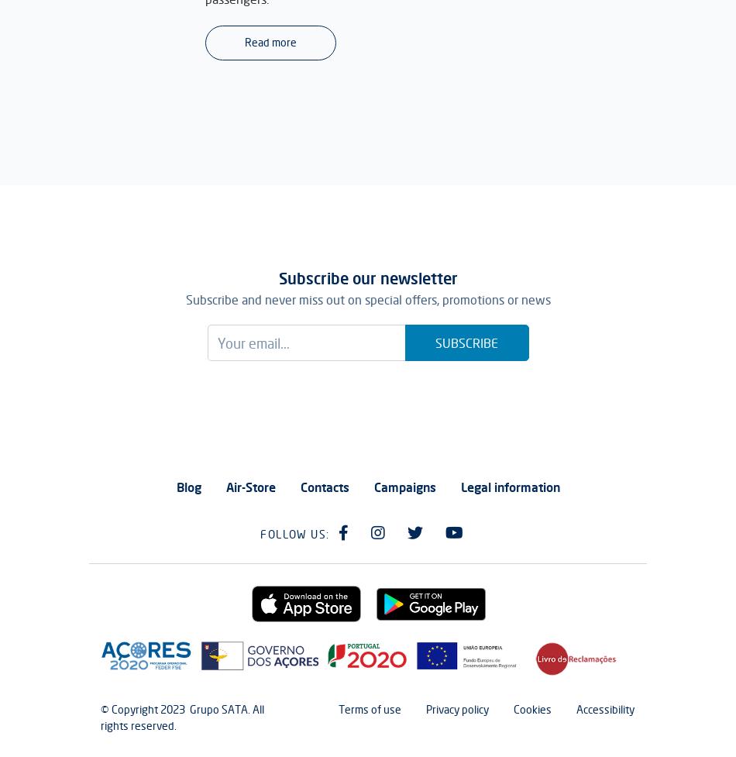  I want to click on 'Read more', so click(225, 42).